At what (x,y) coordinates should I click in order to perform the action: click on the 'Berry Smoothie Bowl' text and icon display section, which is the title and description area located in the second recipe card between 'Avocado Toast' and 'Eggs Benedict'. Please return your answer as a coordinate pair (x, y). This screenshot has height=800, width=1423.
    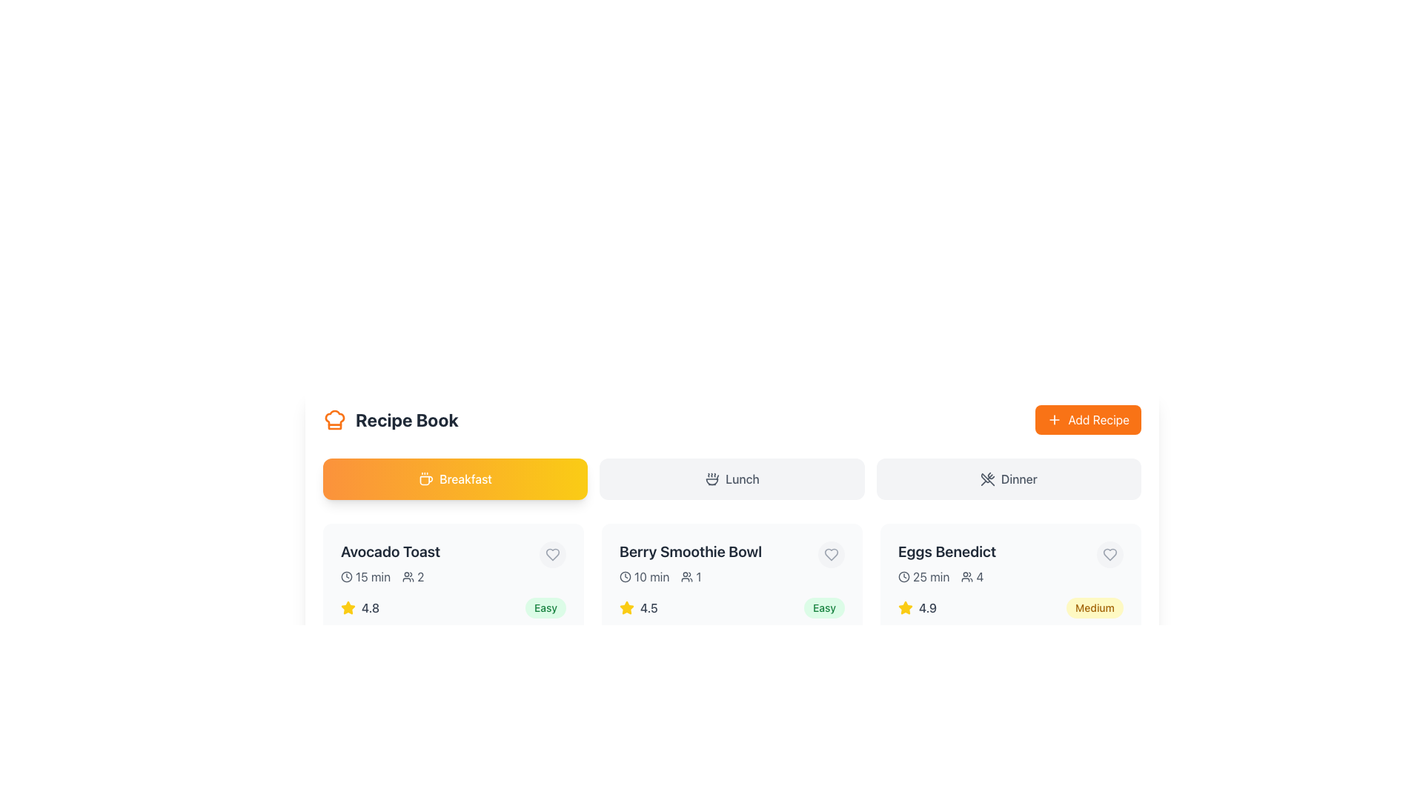
    Looking at the image, I should click on (732, 563).